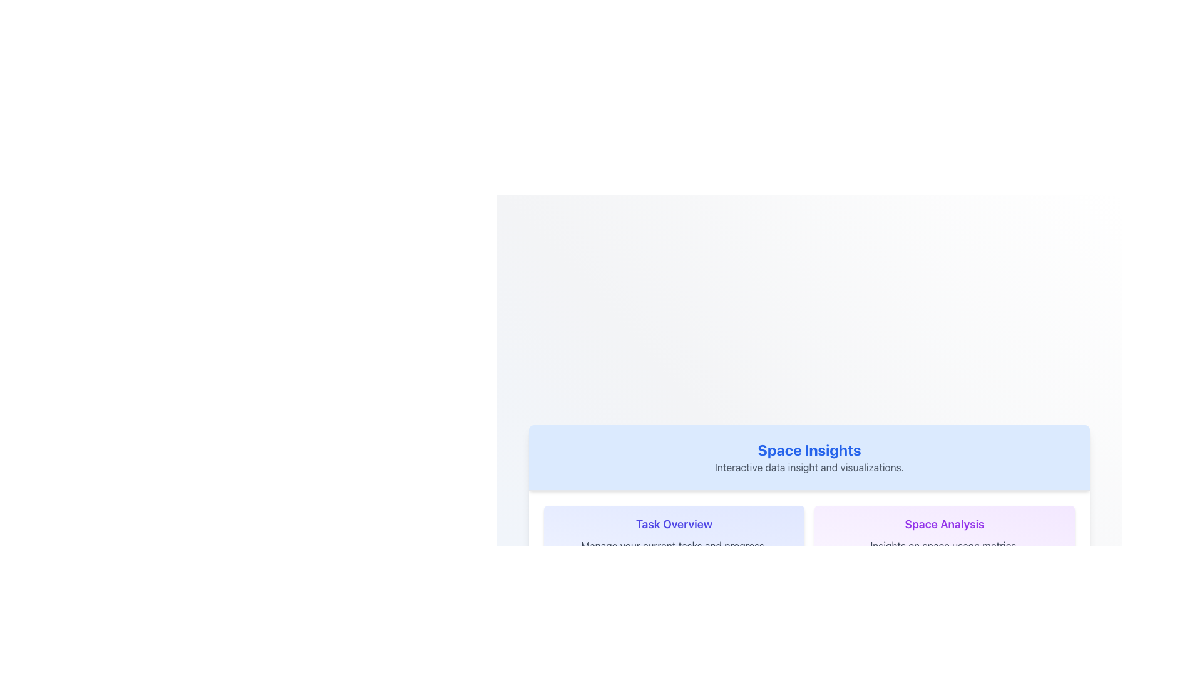  What do you see at coordinates (1052, 601) in the screenshot?
I see `the appearance of the chevron icon located in the bottom-right region of the interface, which serves as a visual indicator suggesting the action to 'next' or 'proceed'` at bounding box center [1052, 601].